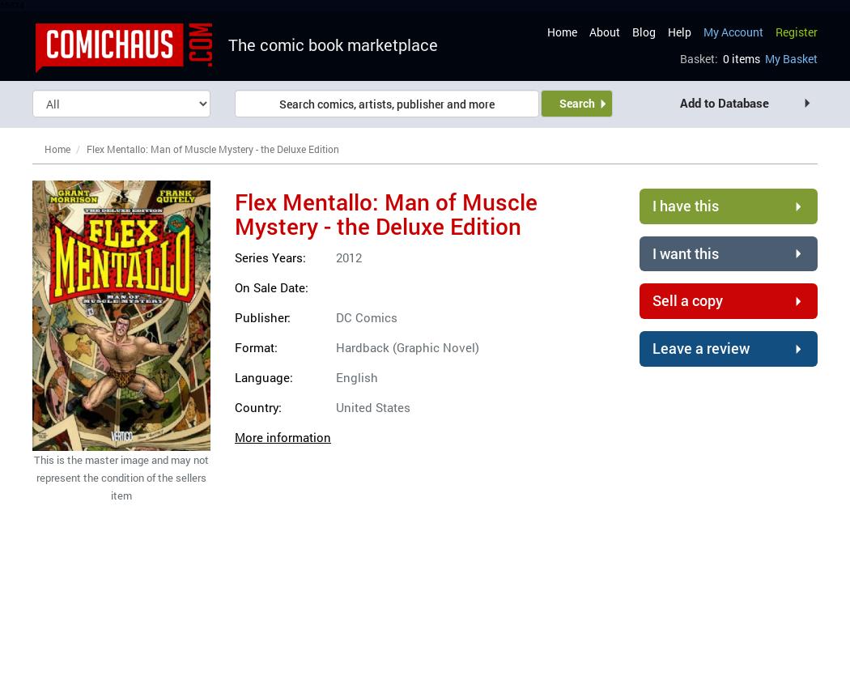 This screenshot has height=693, width=850. I want to click on 'Basket:', so click(698, 58).